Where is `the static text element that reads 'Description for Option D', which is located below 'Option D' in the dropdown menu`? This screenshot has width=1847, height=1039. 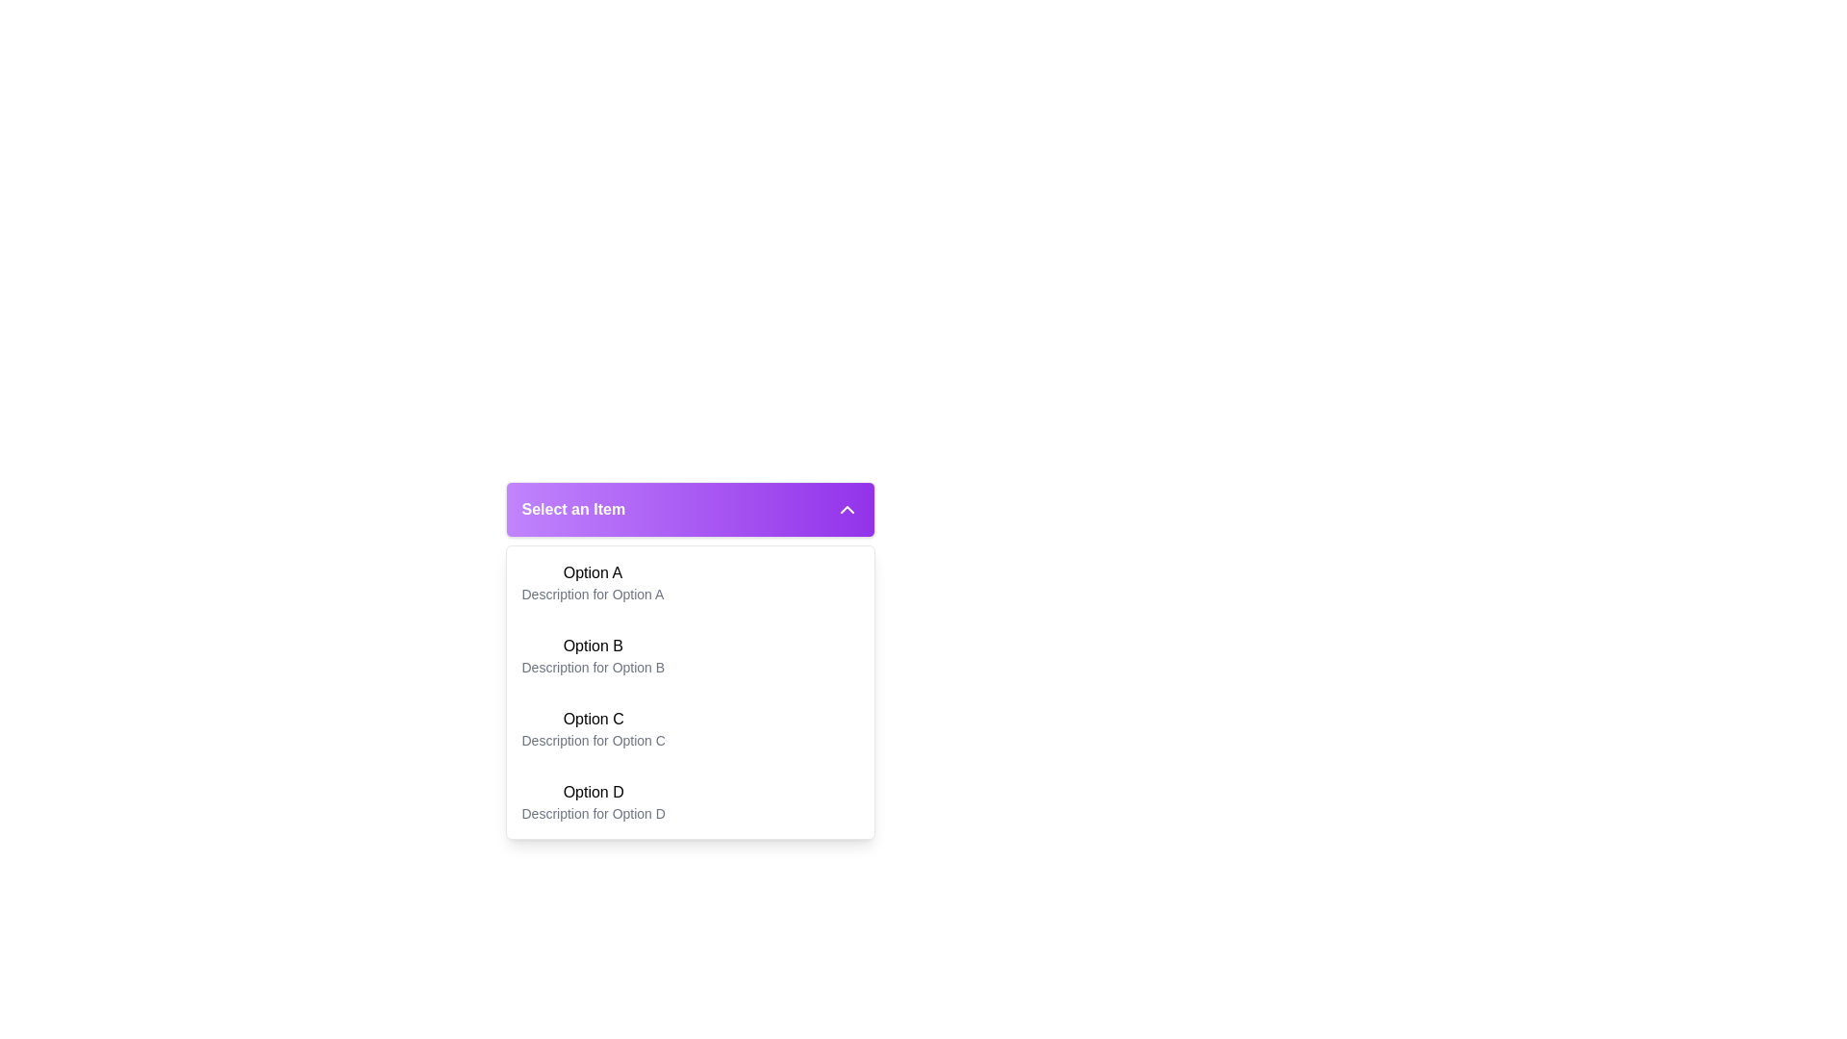
the static text element that reads 'Description for Option D', which is located below 'Option D' in the dropdown menu is located at coordinates (593, 813).